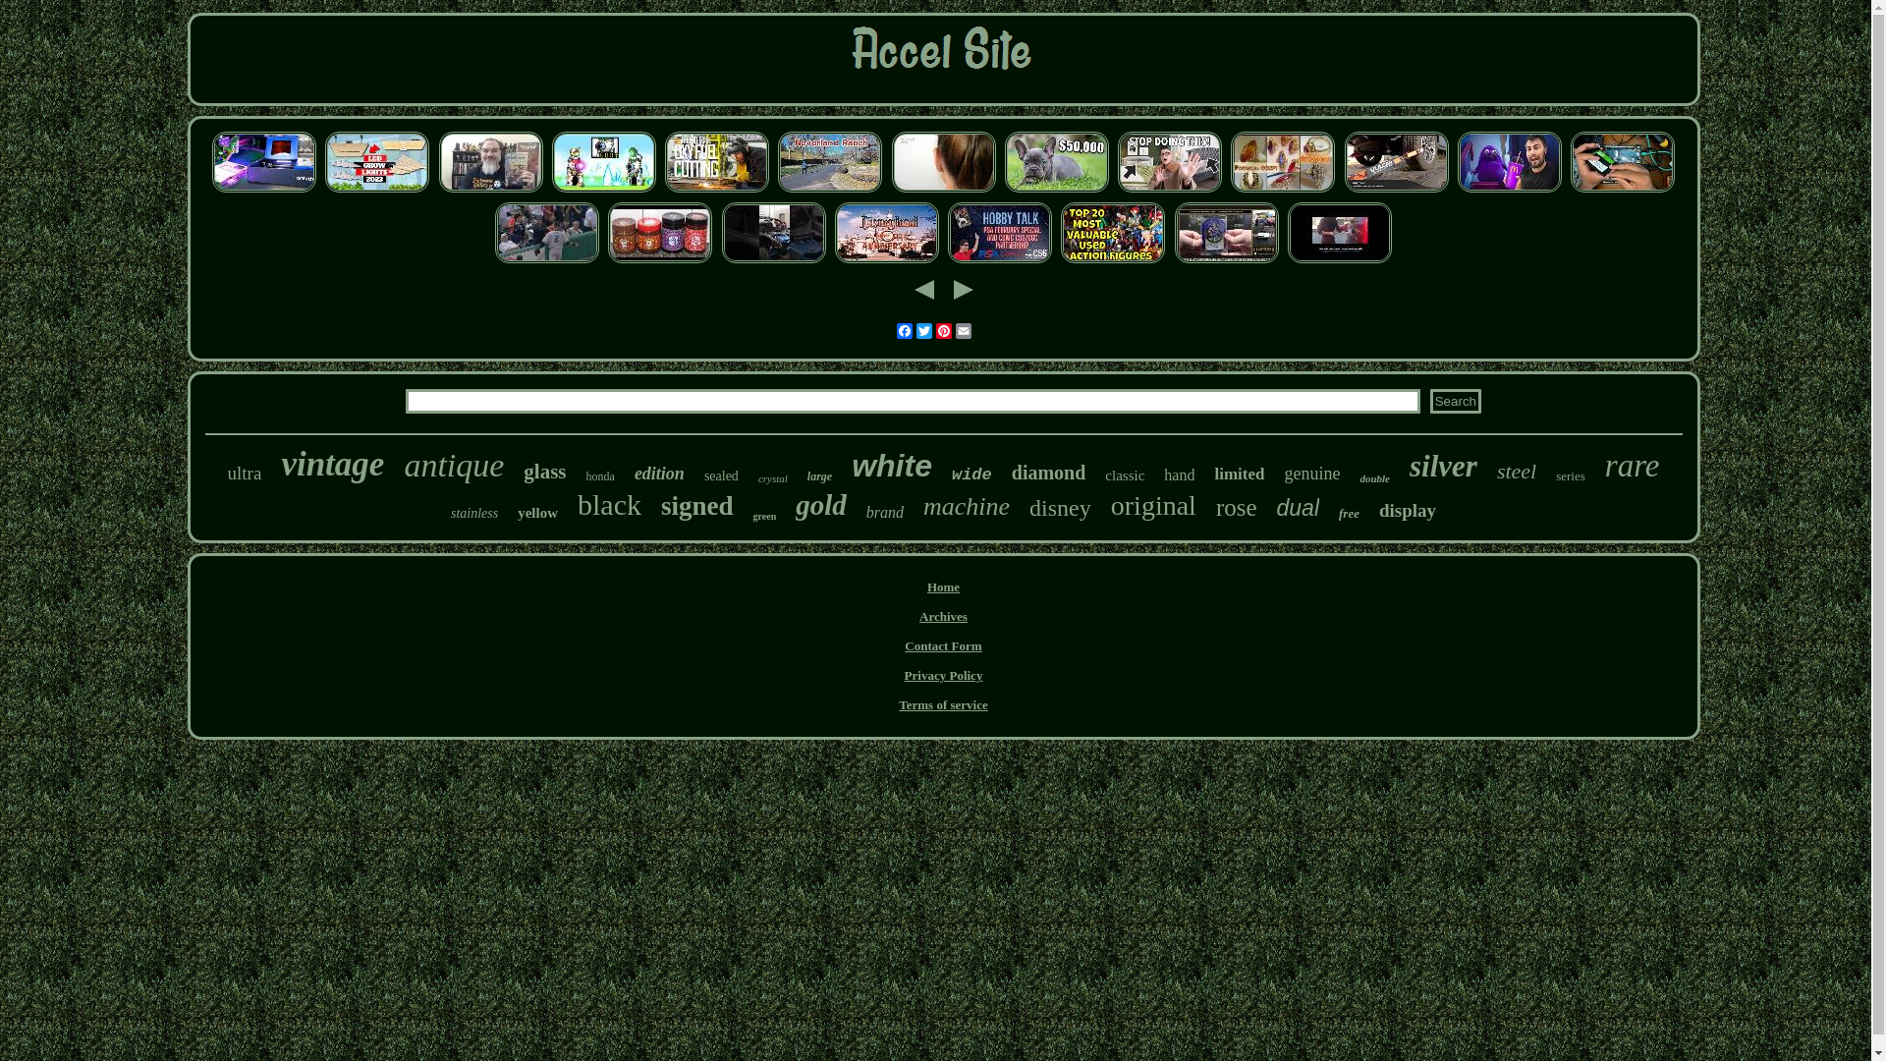  Describe the element at coordinates (1213, 474) in the screenshot. I see `'limited'` at that location.